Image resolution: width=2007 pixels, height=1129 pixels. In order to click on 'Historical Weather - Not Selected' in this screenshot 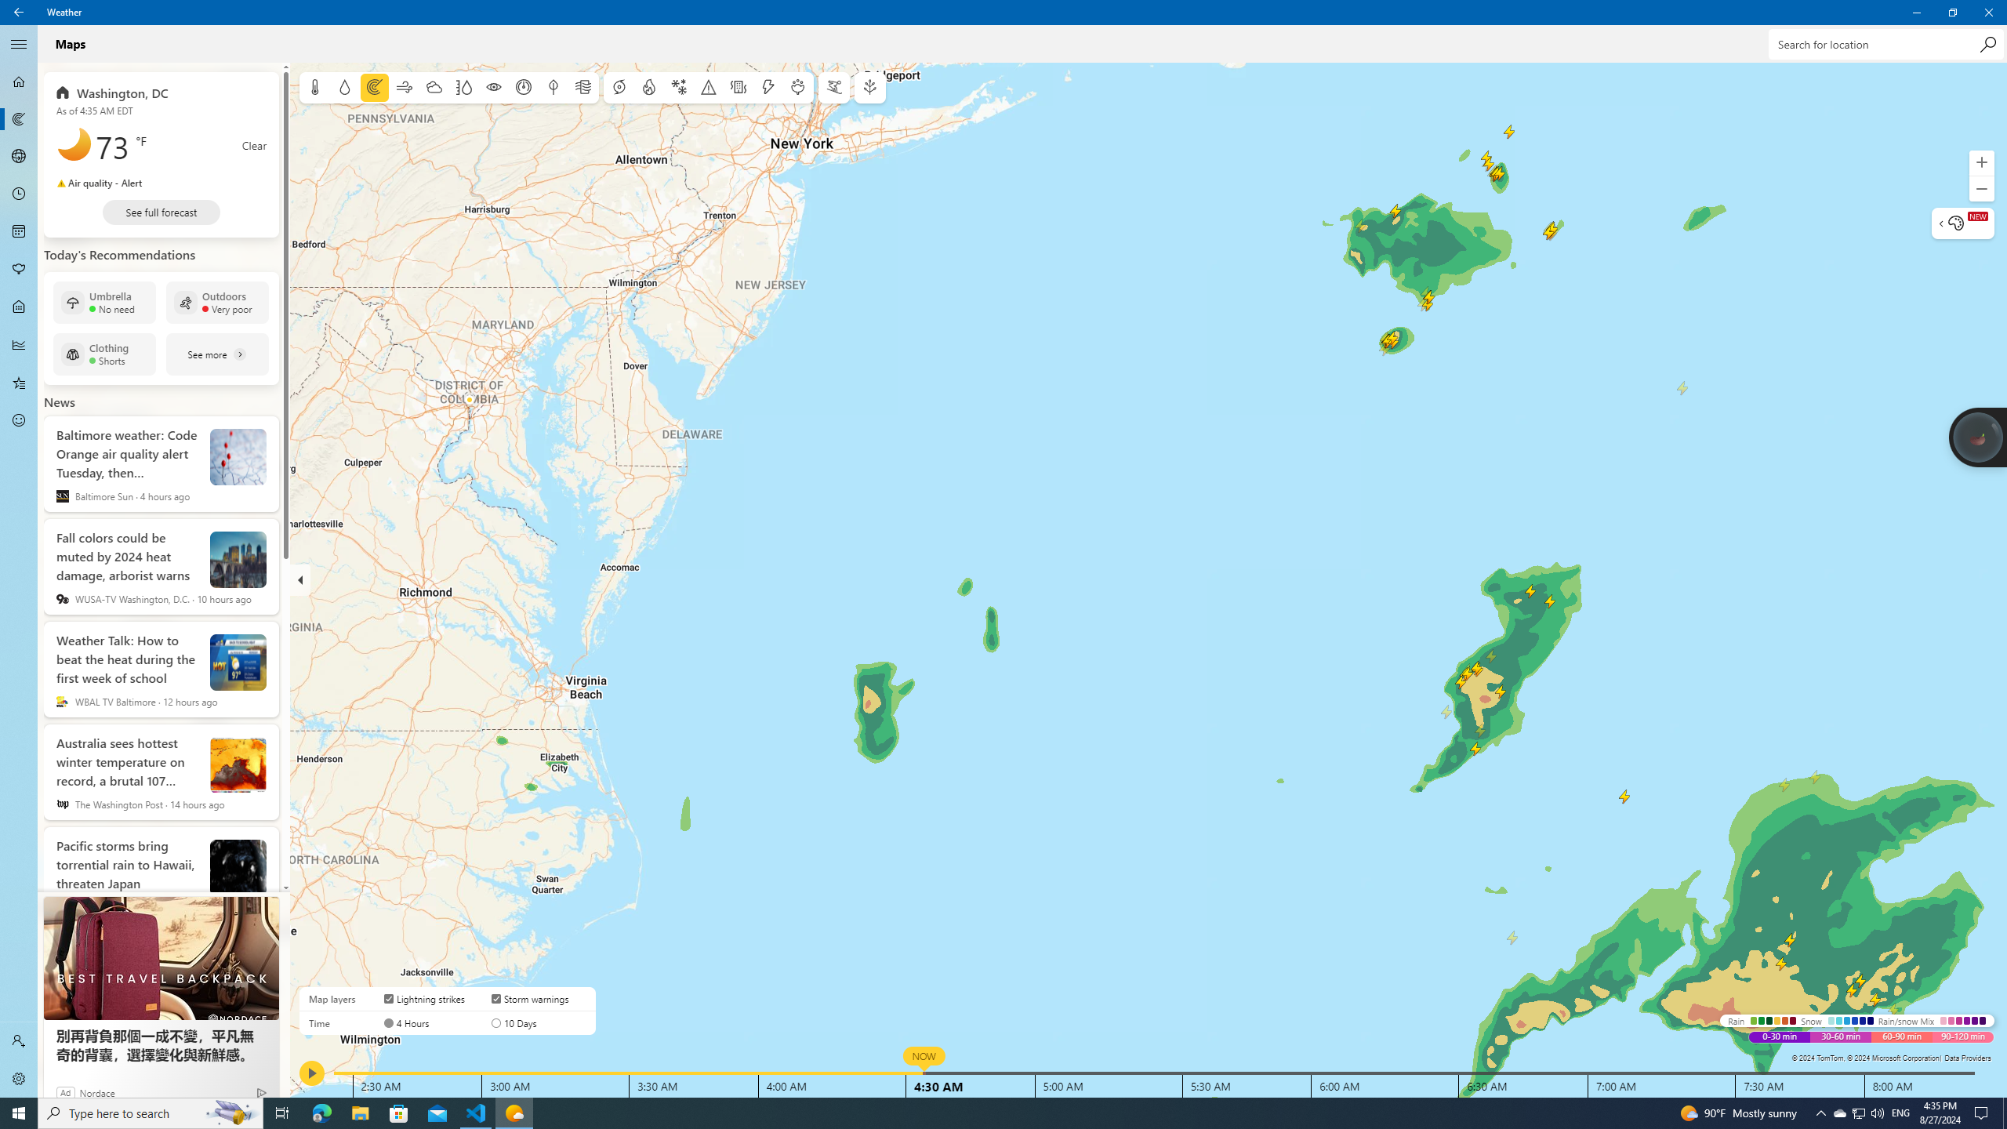, I will do `click(19, 343)`.